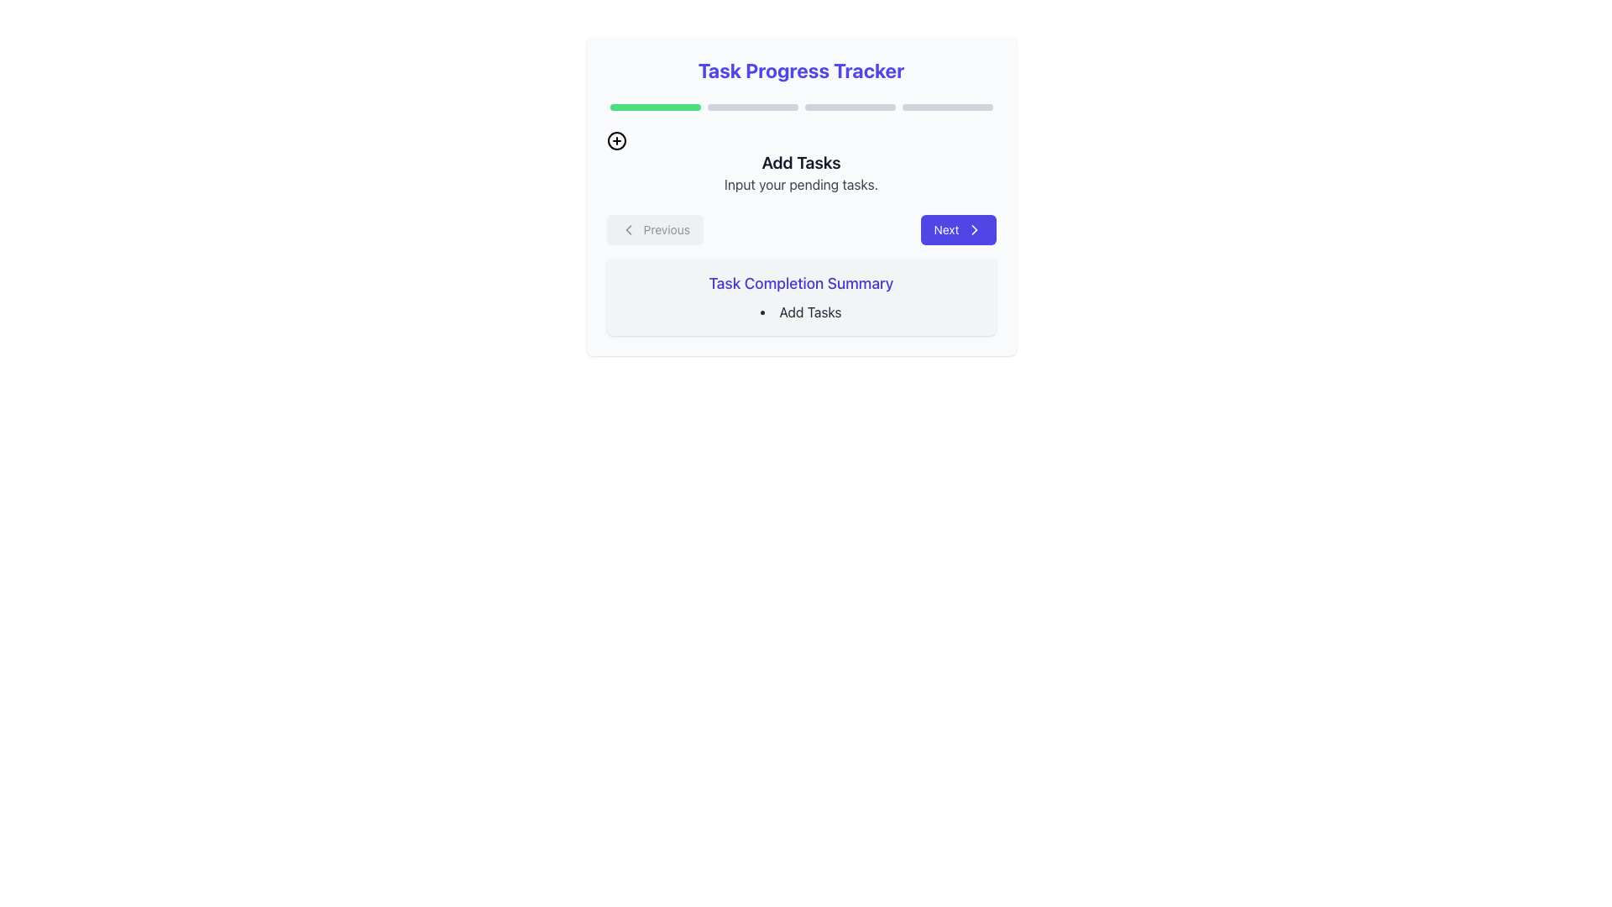  I want to click on the second button in the 'Task Progress Tracker' section, so click(958, 229).